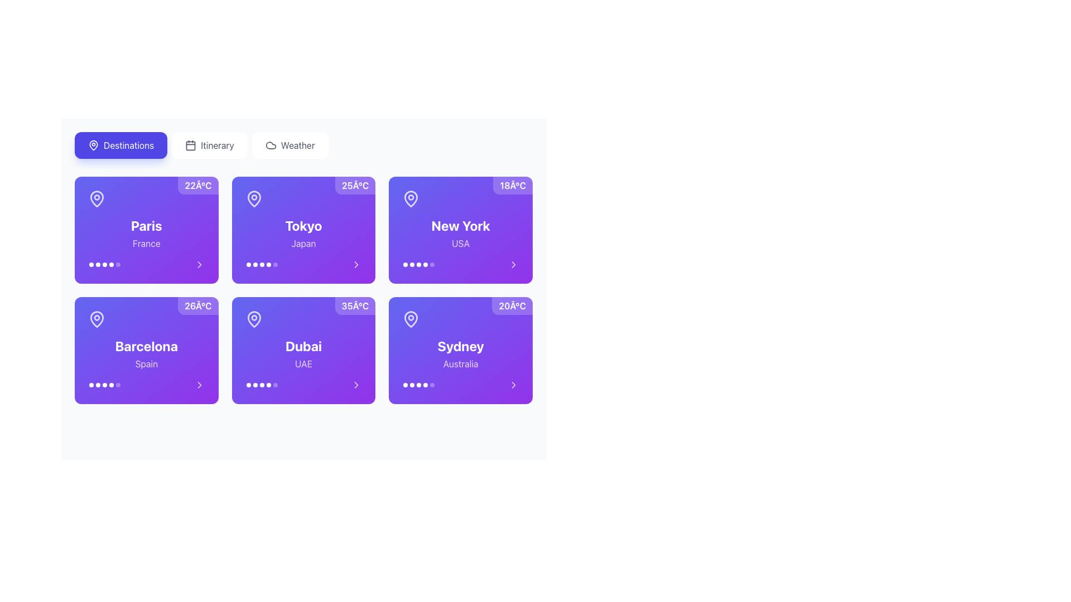 The width and height of the screenshot is (1071, 602). What do you see at coordinates (146, 349) in the screenshot?
I see `the Card component displaying information about 'Barcelona, Spain', located in the second row and first column of the grid layout, directly below the 'Paris' card` at bounding box center [146, 349].